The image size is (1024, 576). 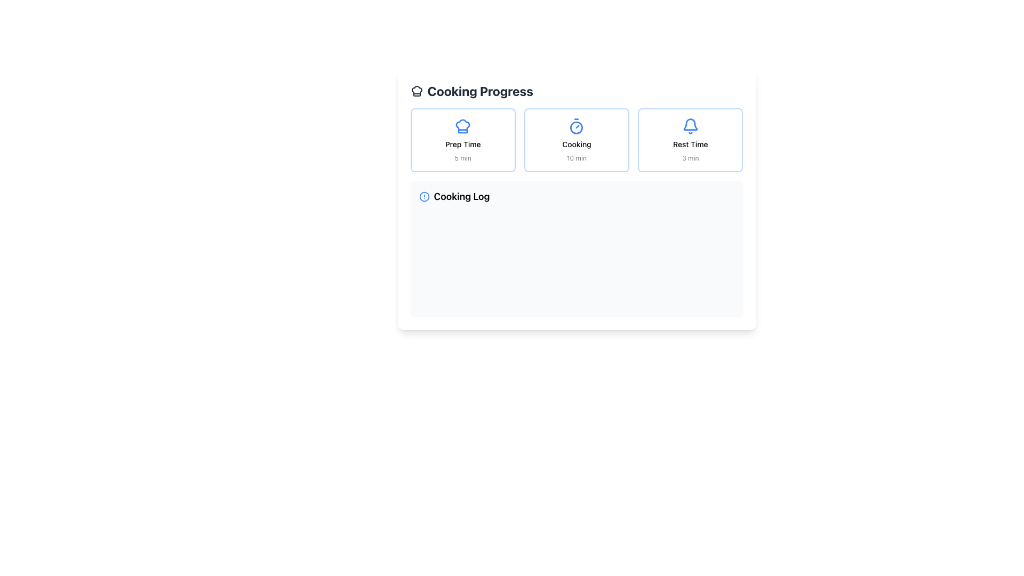 I want to click on the non-interactive Text label displaying the word 'Cooking', which is positioned in the second box from the left, below a timer icon and above the text '10 min', so click(x=576, y=144).